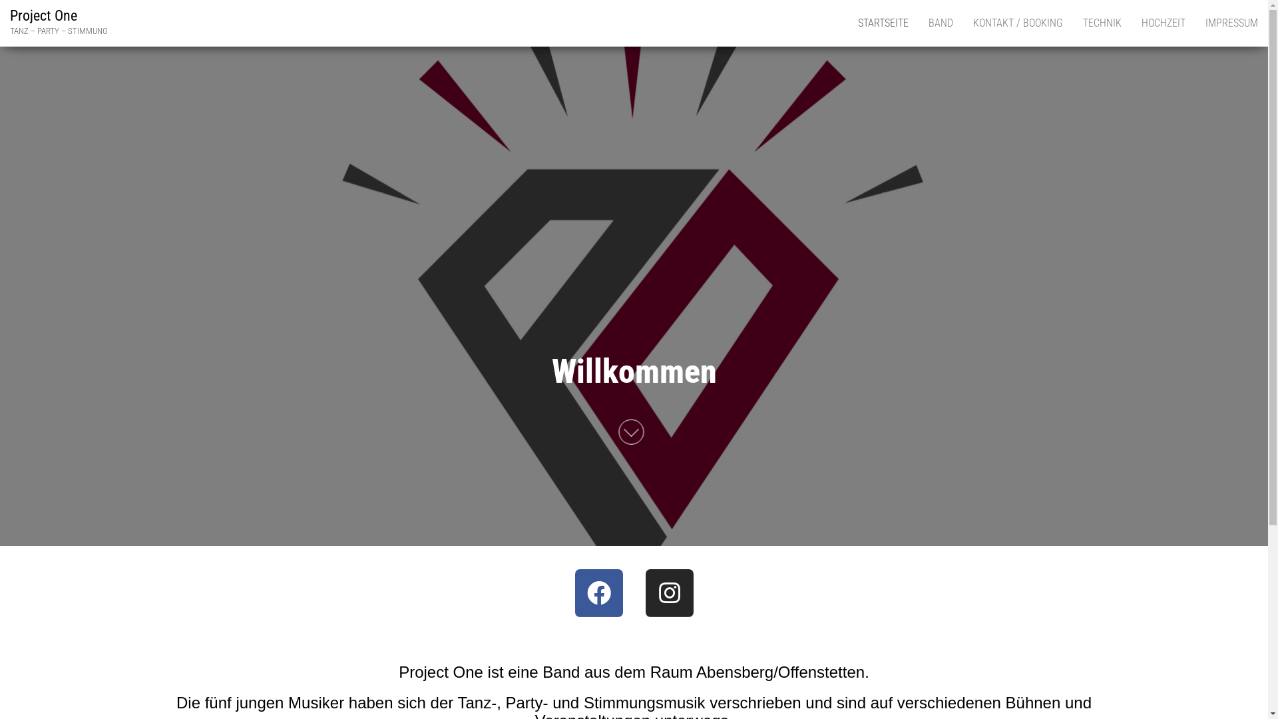 The image size is (1278, 719). Describe the element at coordinates (1162, 23) in the screenshot. I see `'HOCHZEIT'` at that location.